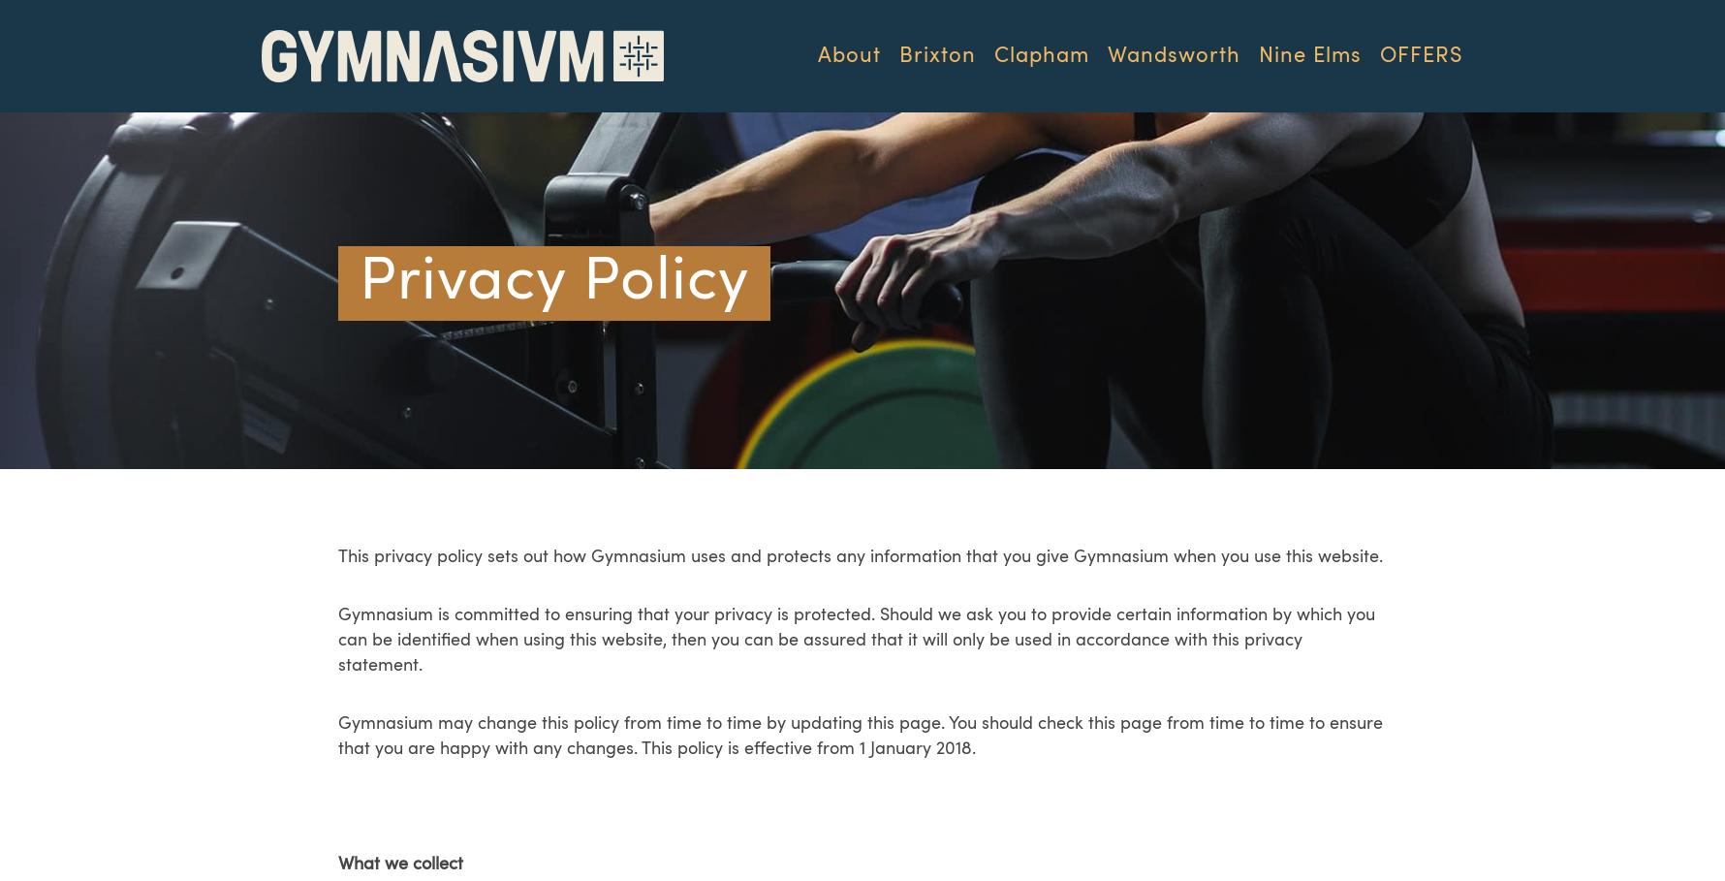 Image resolution: width=1725 pixels, height=881 pixels. I want to click on 'Philosophy', so click(889, 138).